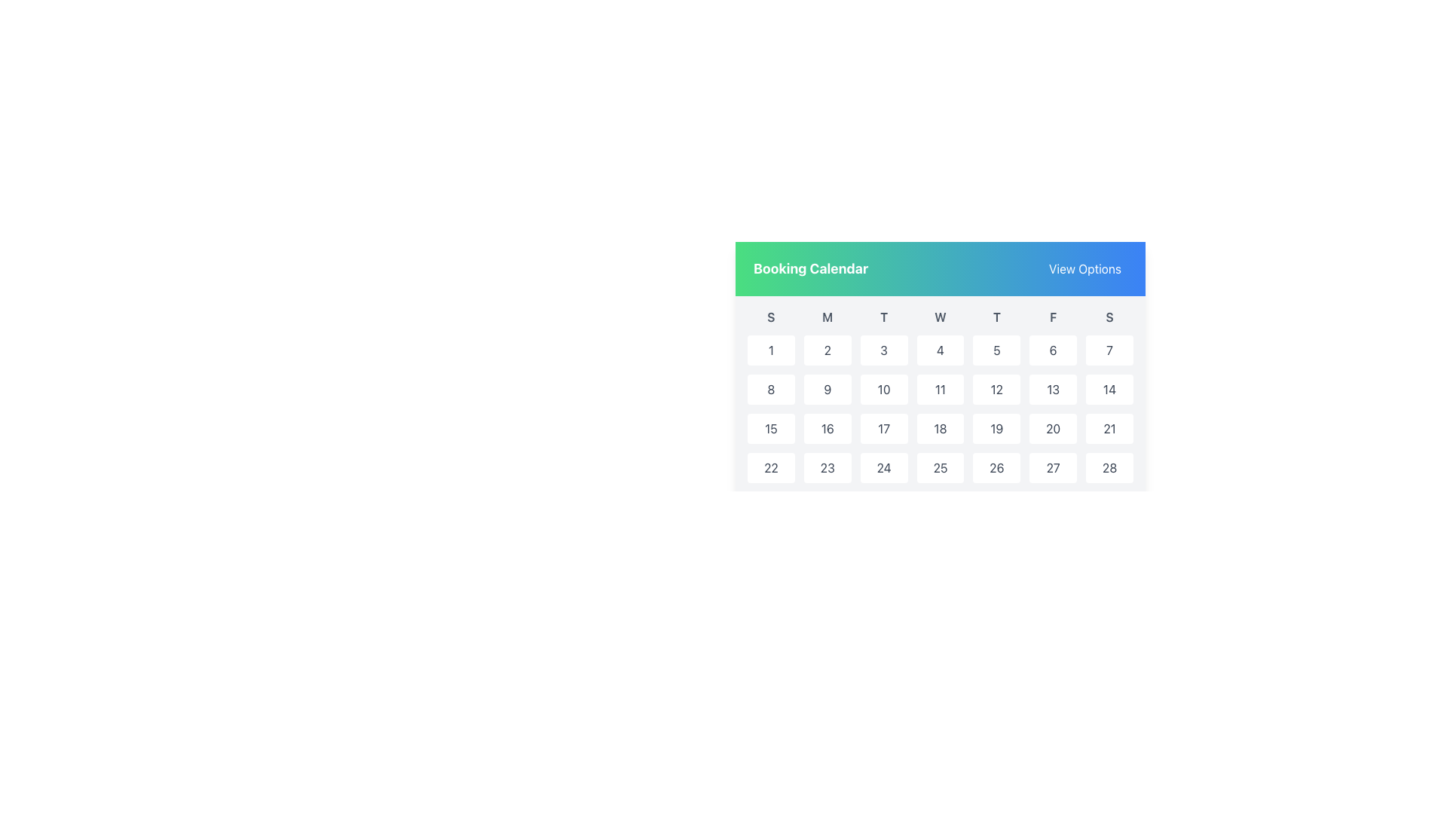 Image resolution: width=1447 pixels, height=814 pixels. What do you see at coordinates (884, 429) in the screenshot?
I see `on the numeric text label displaying '17' within the calendar grid cell` at bounding box center [884, 429].